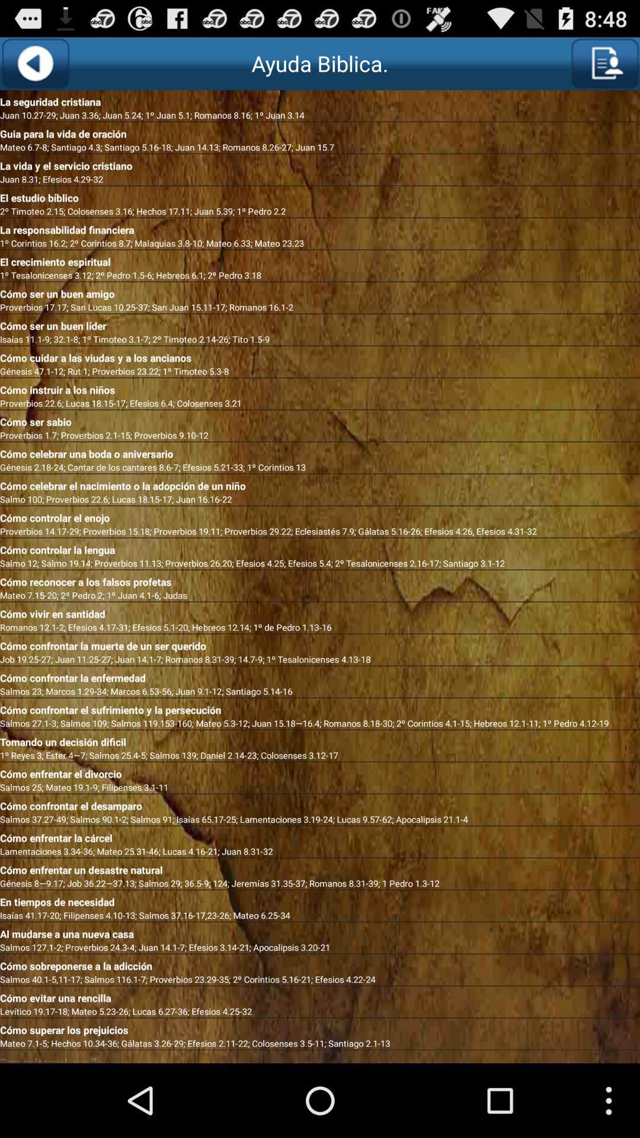 The image size is (640, 1138). Describe the element at coordinates (320, 580) in the screenshot. I see `the icon above mateo 7 15 icon` at that location.